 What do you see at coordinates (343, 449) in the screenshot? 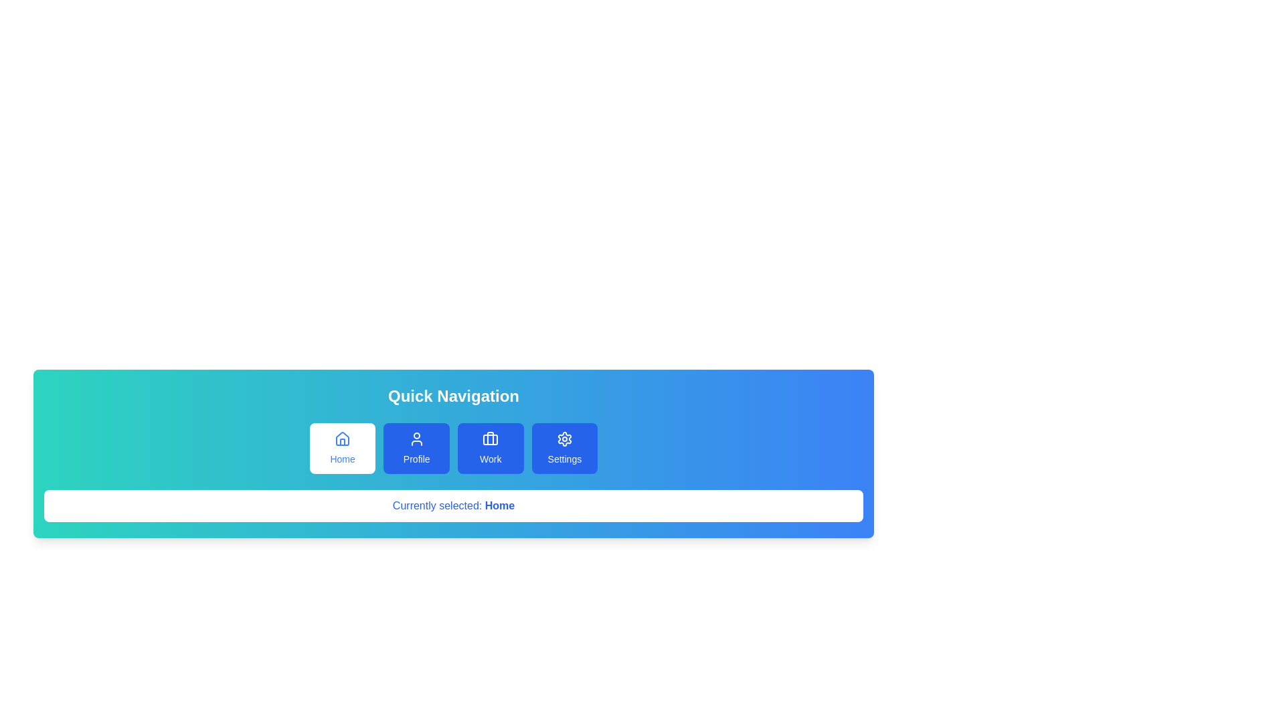
I see `the Home tab` at bounding box center [343, 449].